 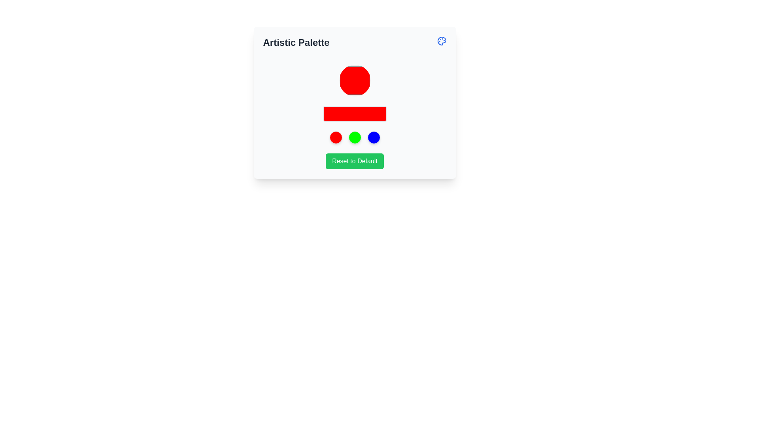 I want to click on the rectangular decorative block with a red background, located within the 'Artistic Palette' card, centrally positioned beneath a larger red octagonal shape, so click(x=354, y=114).